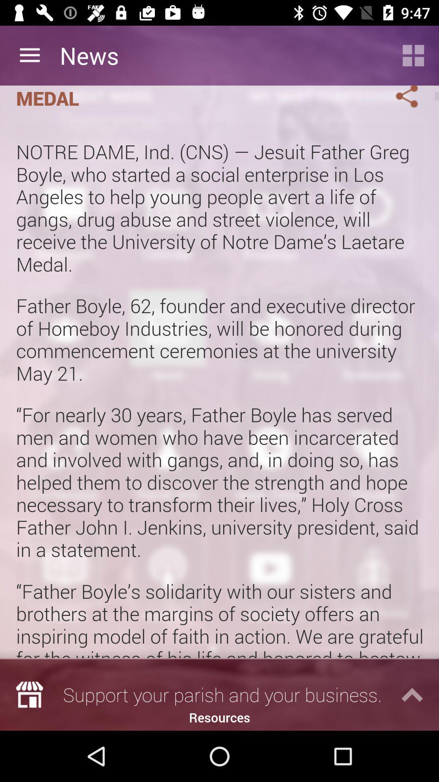 This screenshot has height=782, width=439. Describe the element at coordinates (29, 55) in the screenshot. I see `the item to the left of news item` at that location.